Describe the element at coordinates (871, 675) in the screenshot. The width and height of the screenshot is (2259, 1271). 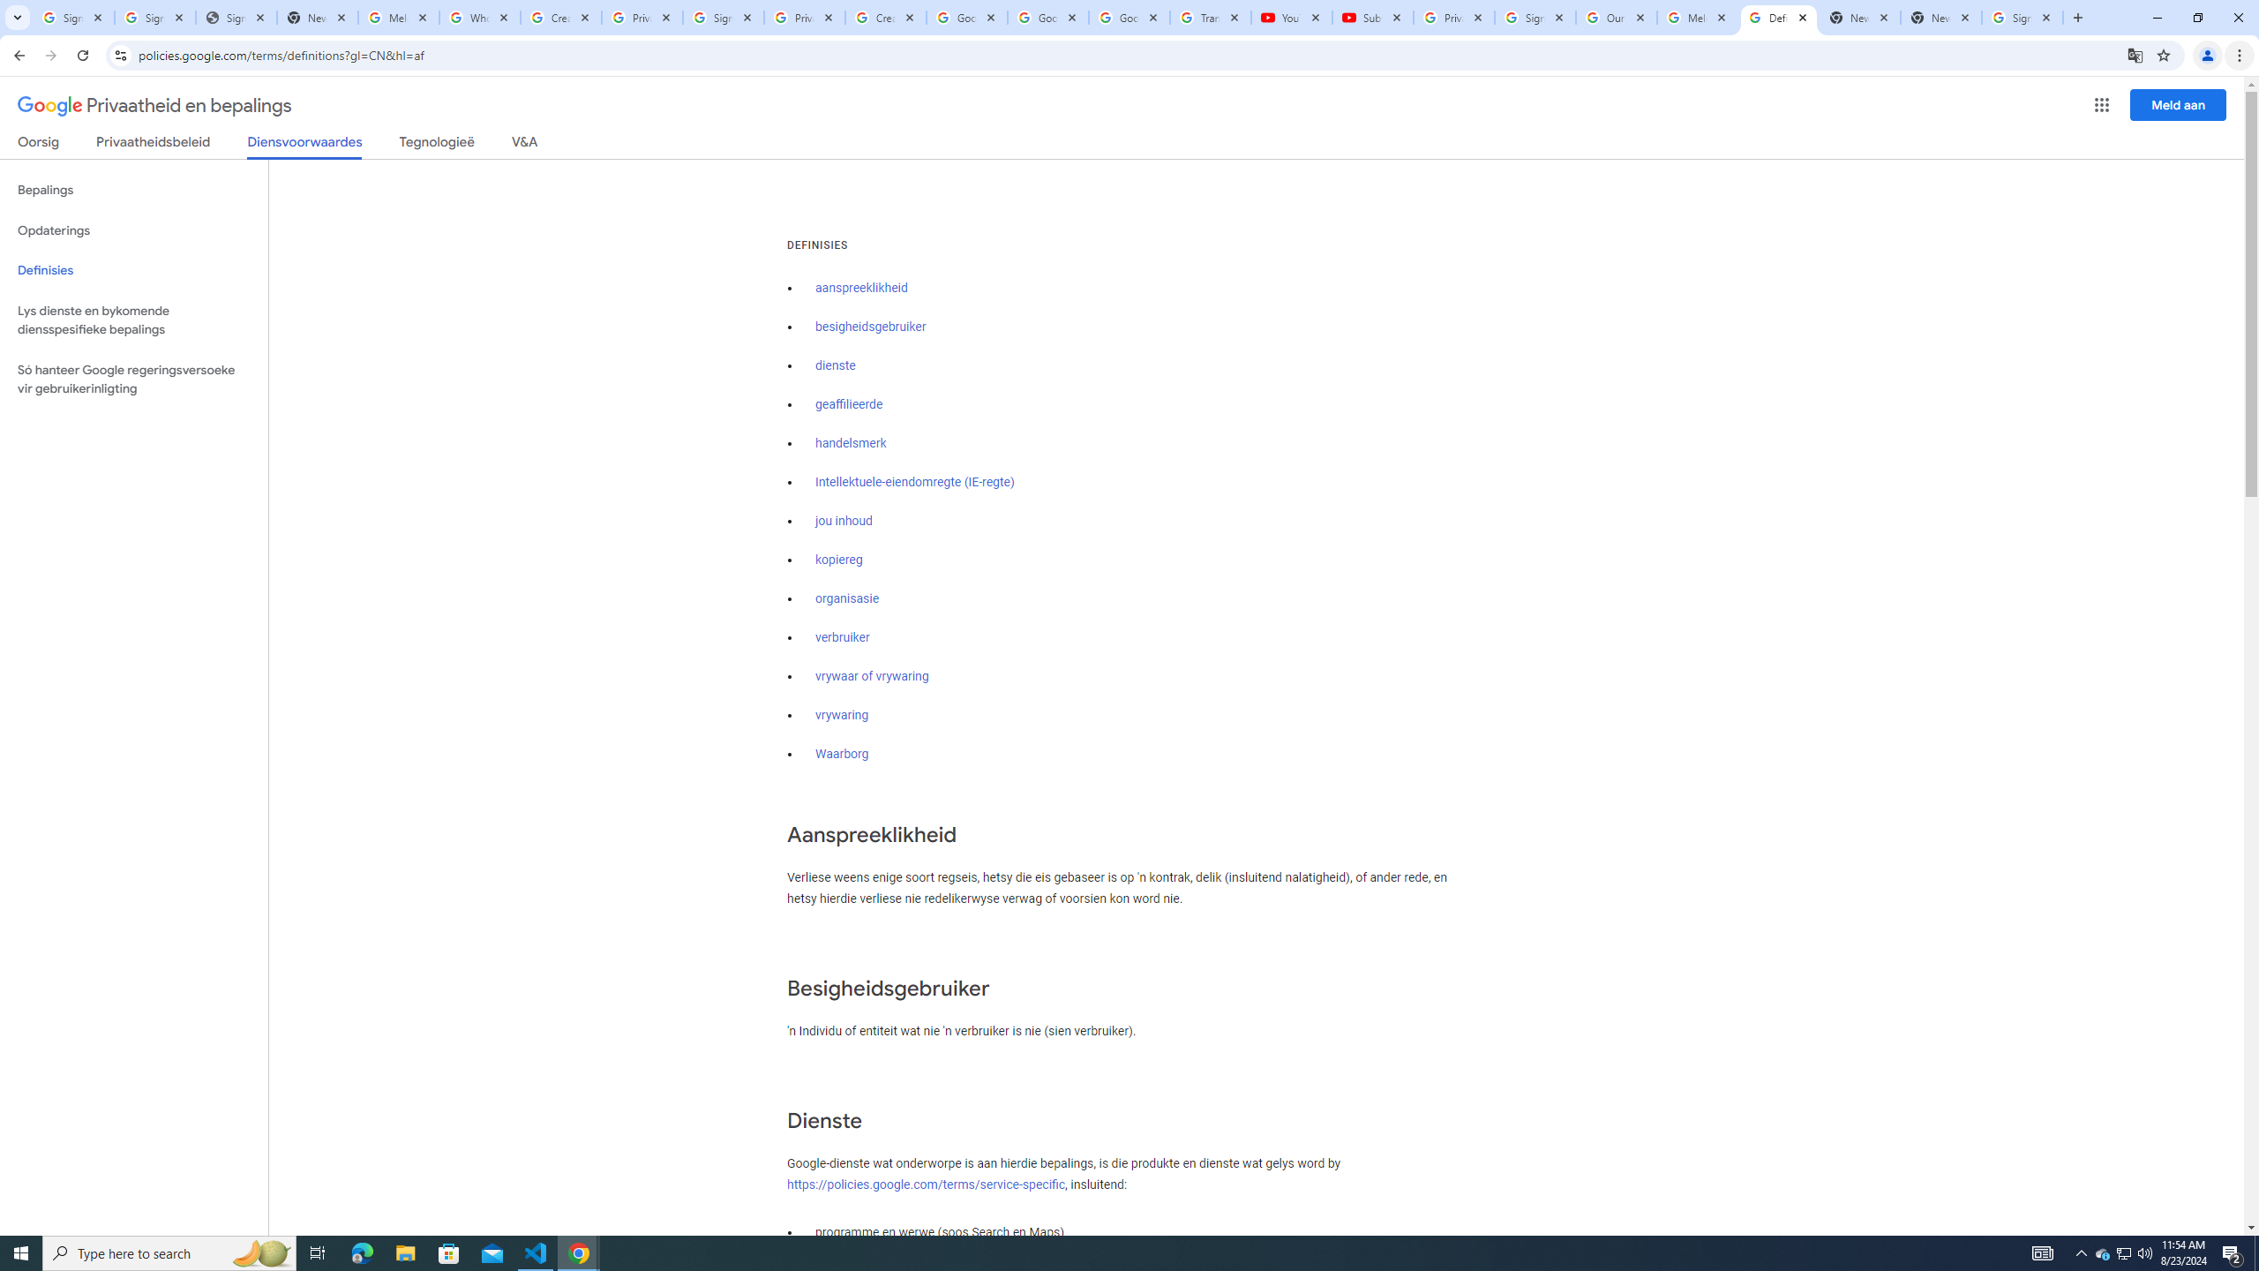
I see `'vrywaar of vrywaring'` at that location.